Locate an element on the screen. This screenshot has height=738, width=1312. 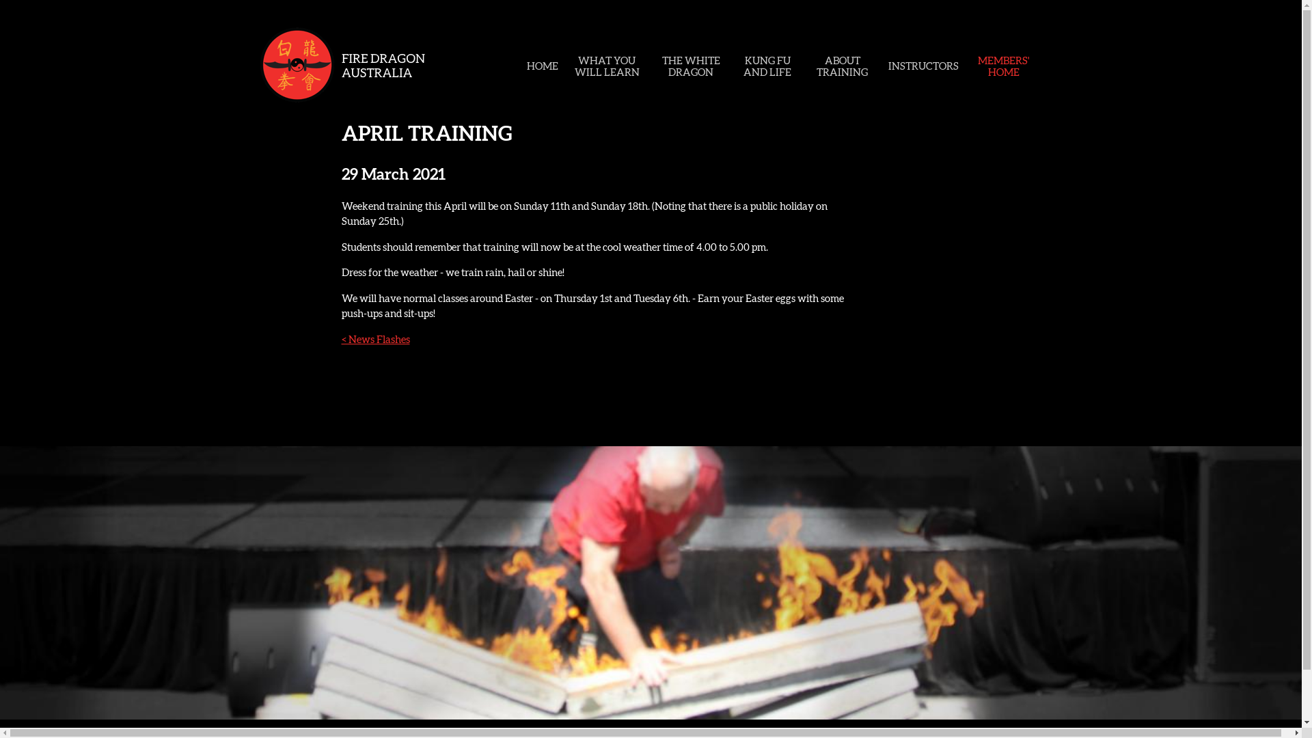
'< News Flashes' is located at coordinates (376, 338).